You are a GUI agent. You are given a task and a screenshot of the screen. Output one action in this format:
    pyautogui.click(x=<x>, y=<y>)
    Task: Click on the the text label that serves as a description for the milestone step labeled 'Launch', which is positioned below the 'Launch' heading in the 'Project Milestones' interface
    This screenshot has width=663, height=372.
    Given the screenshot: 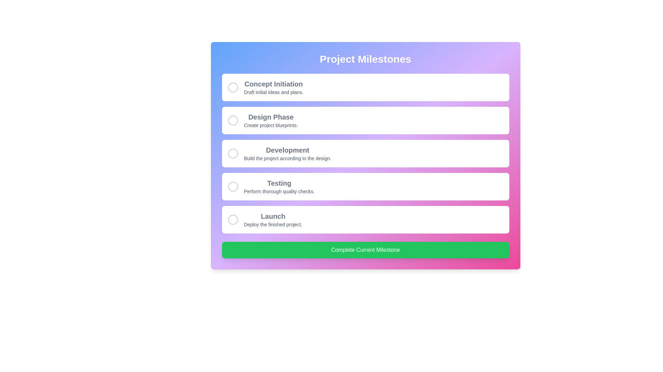 What is the action you would take?
    pyautogui.click(x=272, y=224)
    